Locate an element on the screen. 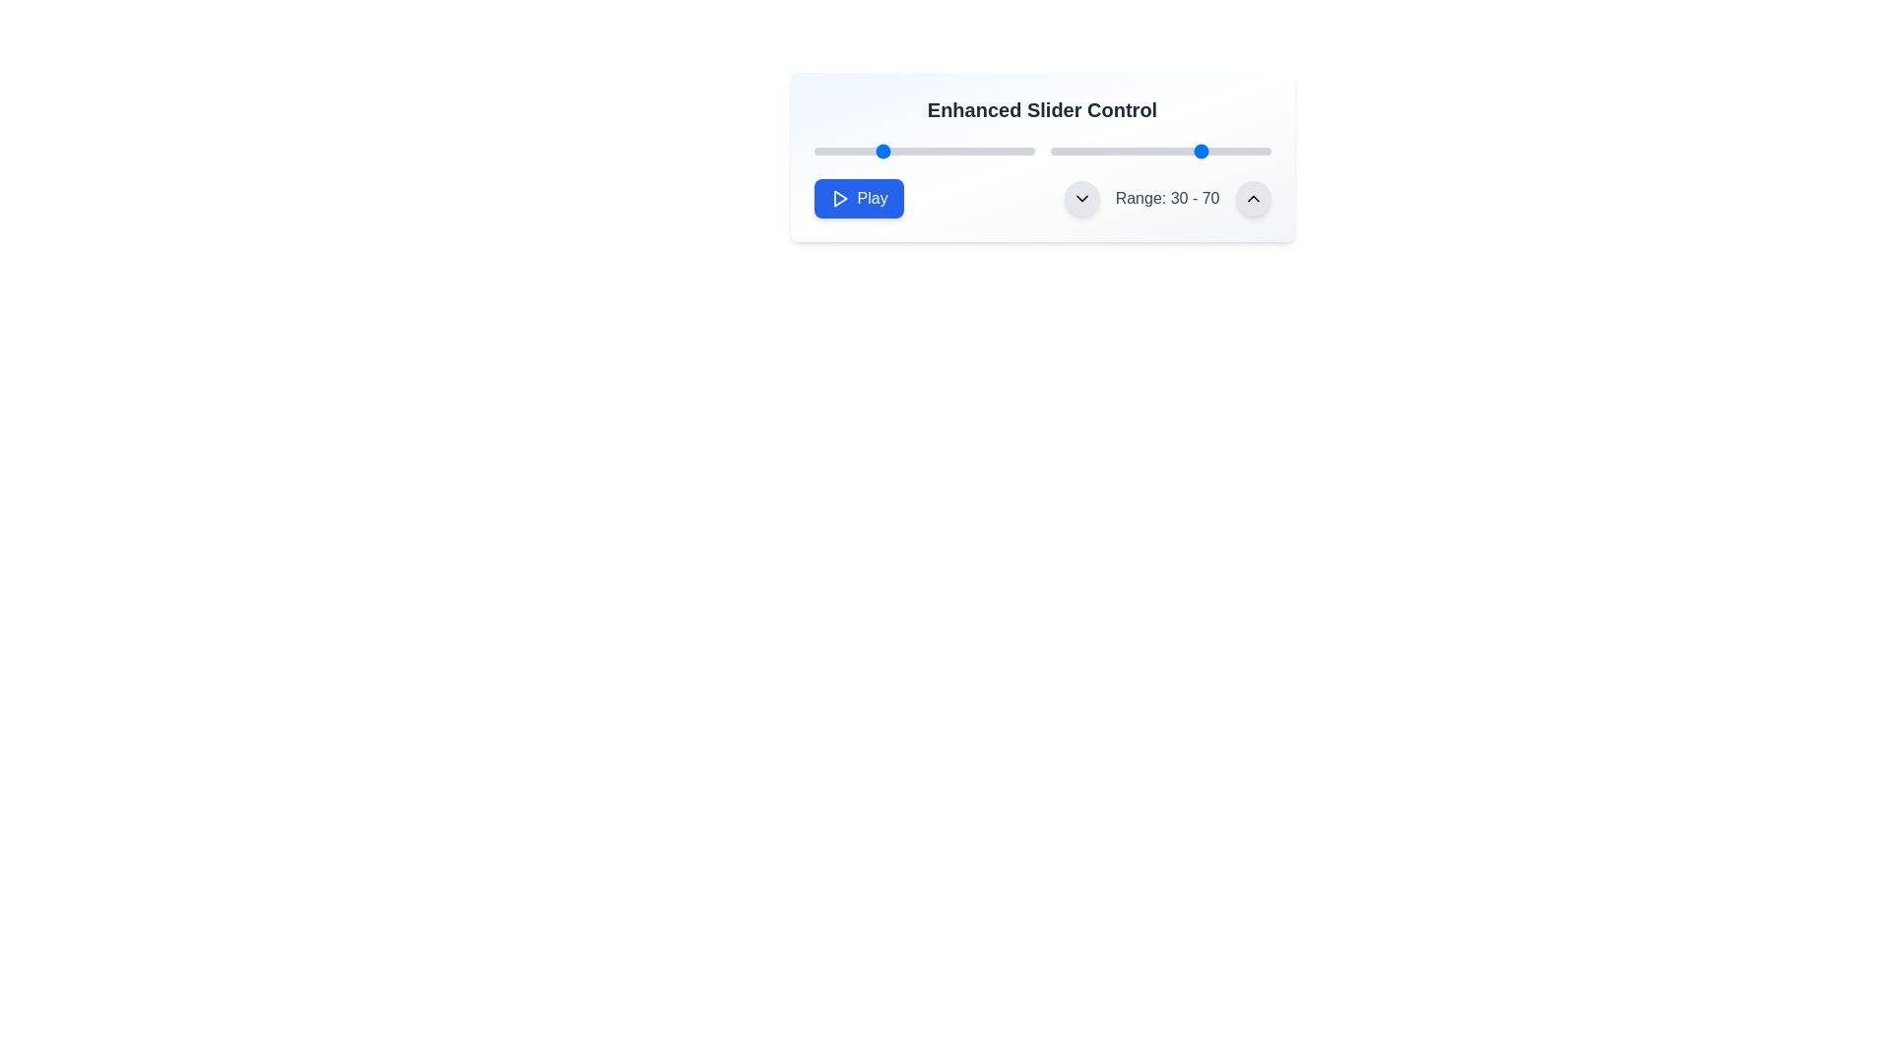 This screenshot has width=1891, height=1063. the slider is located at coordinates (905, 151).